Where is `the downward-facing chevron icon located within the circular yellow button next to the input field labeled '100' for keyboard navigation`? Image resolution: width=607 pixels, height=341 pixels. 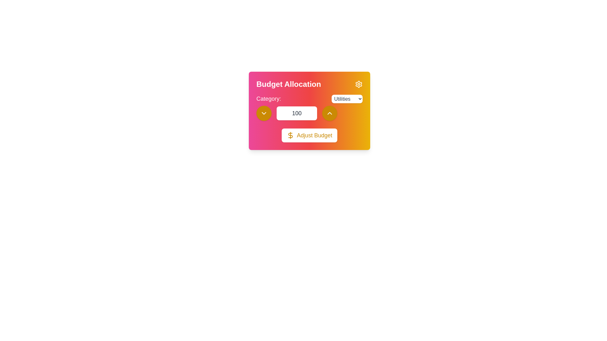 the downward-facing chevron icon located within the circular yellow button next to the input field labeled '100' for keyboard navigation is located at coordinates (264, 113).